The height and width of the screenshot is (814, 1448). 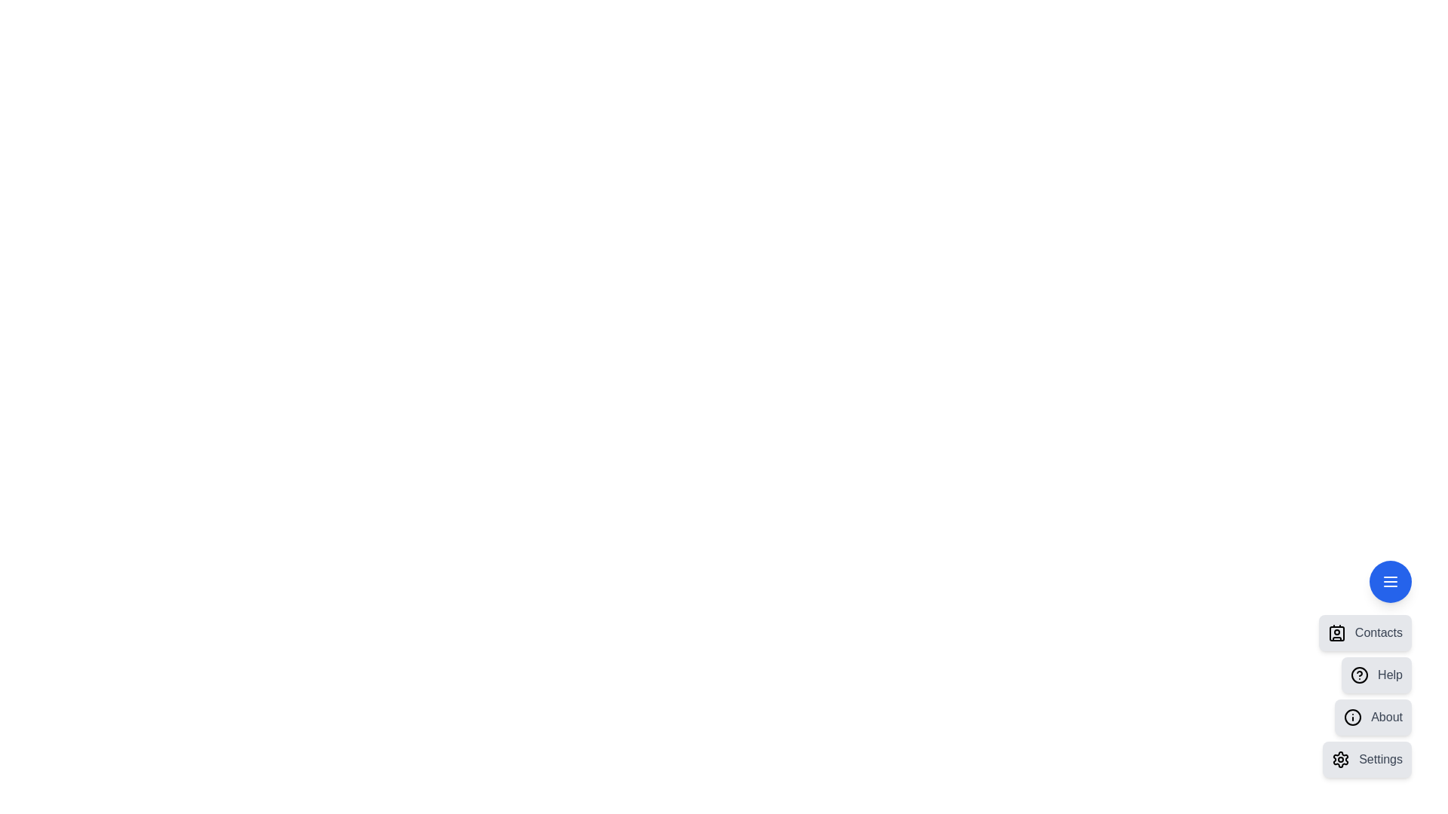 What do you see at coordinates (1389, 580) in the screenshot?
I see `the floating action button to toggle the menu` at bounding box center [1389, 580].